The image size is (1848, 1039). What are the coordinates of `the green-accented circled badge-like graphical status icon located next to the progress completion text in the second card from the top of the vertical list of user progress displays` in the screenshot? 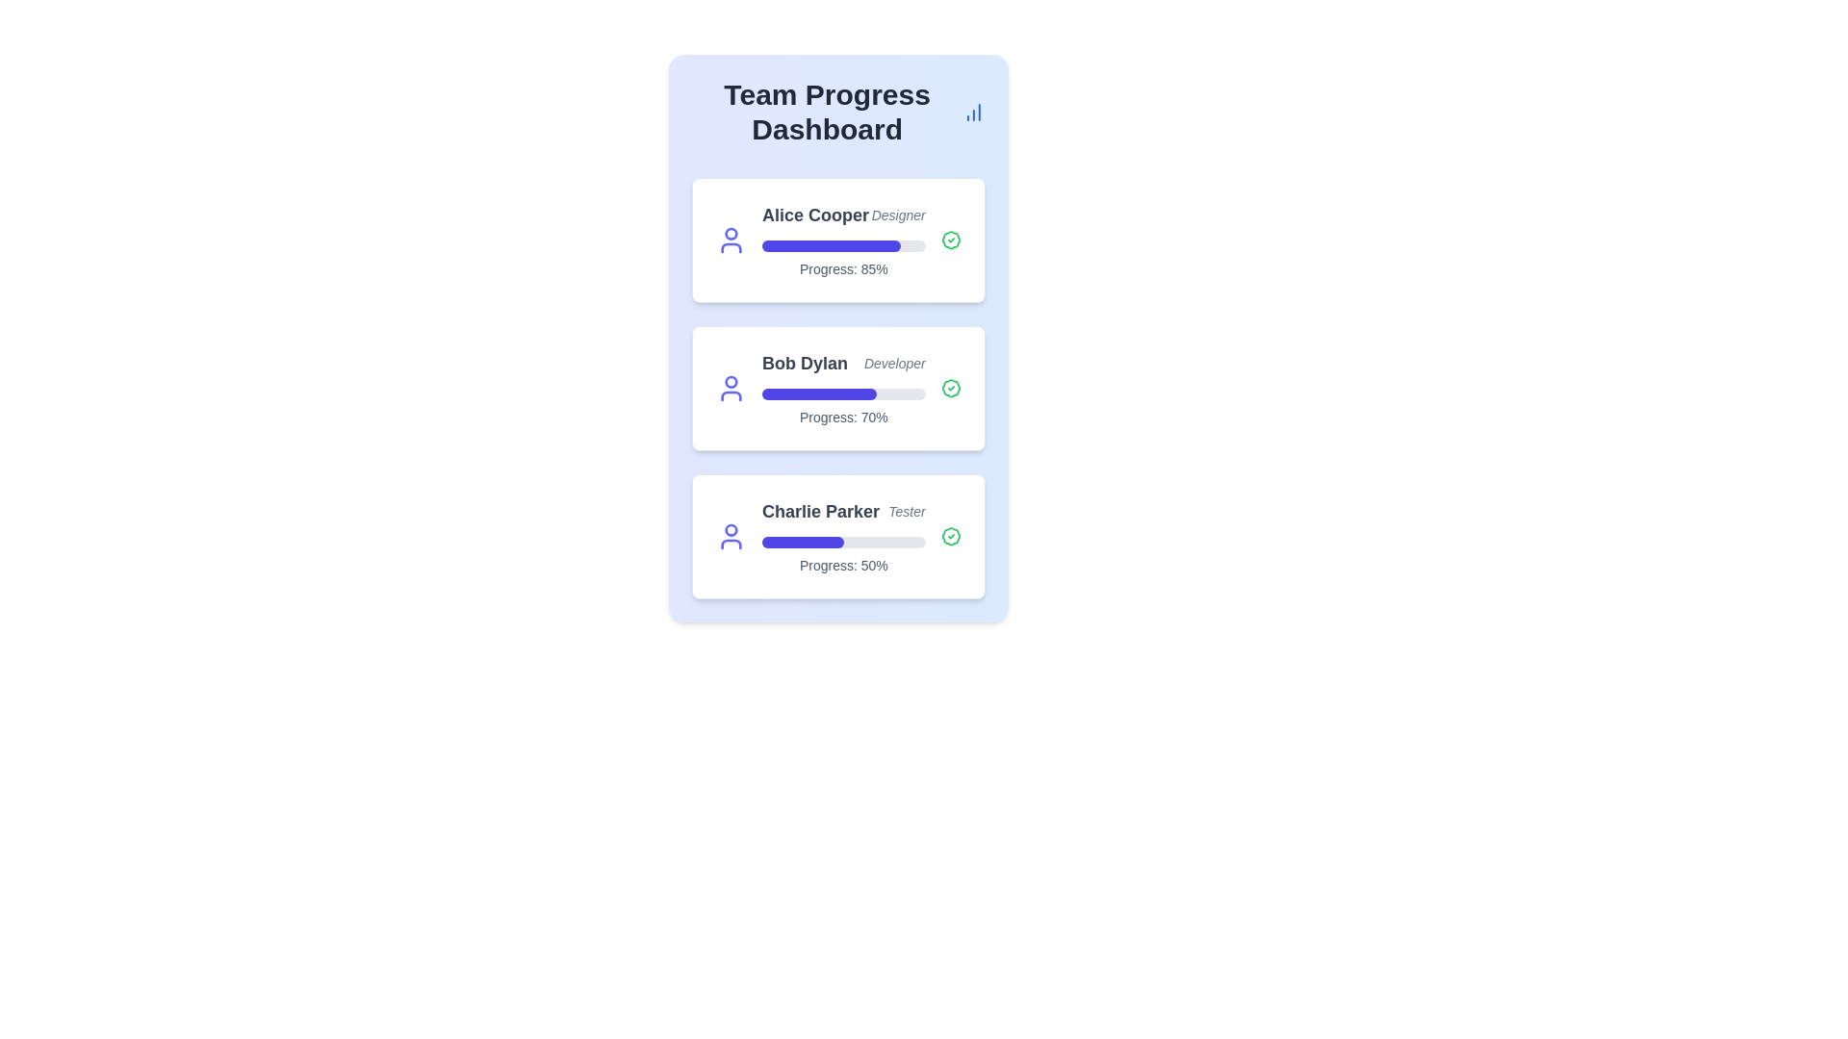 It's located at (951, 240).